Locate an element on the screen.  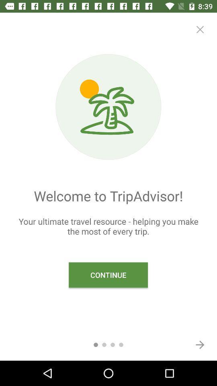
the item below the your ultimate travel item is located at coordinates (199, 344).